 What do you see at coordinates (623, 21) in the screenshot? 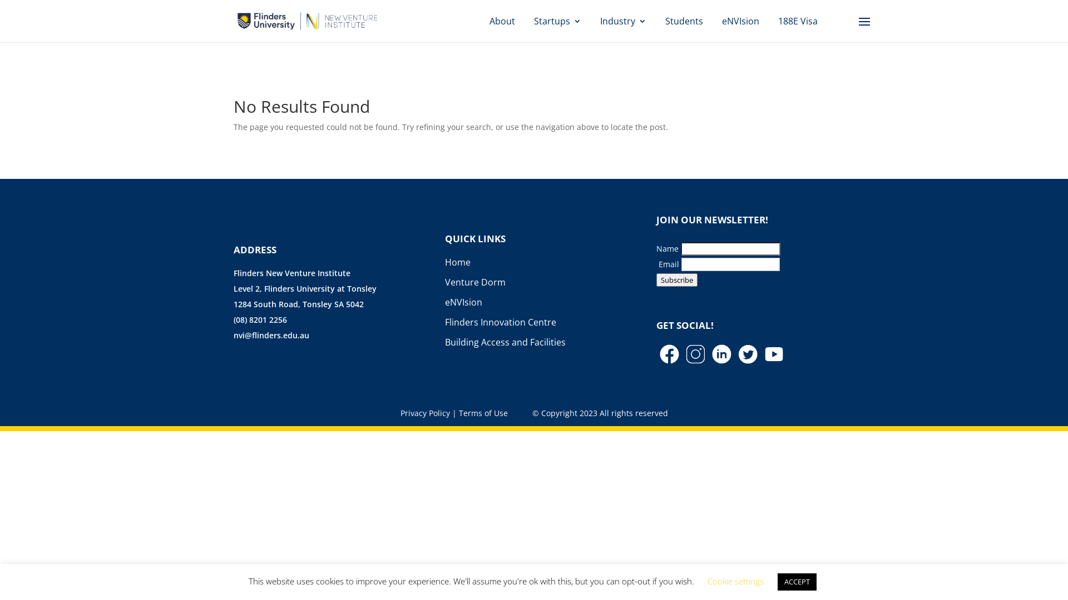
I see `'Industry'` at bounding box center [623, 21].